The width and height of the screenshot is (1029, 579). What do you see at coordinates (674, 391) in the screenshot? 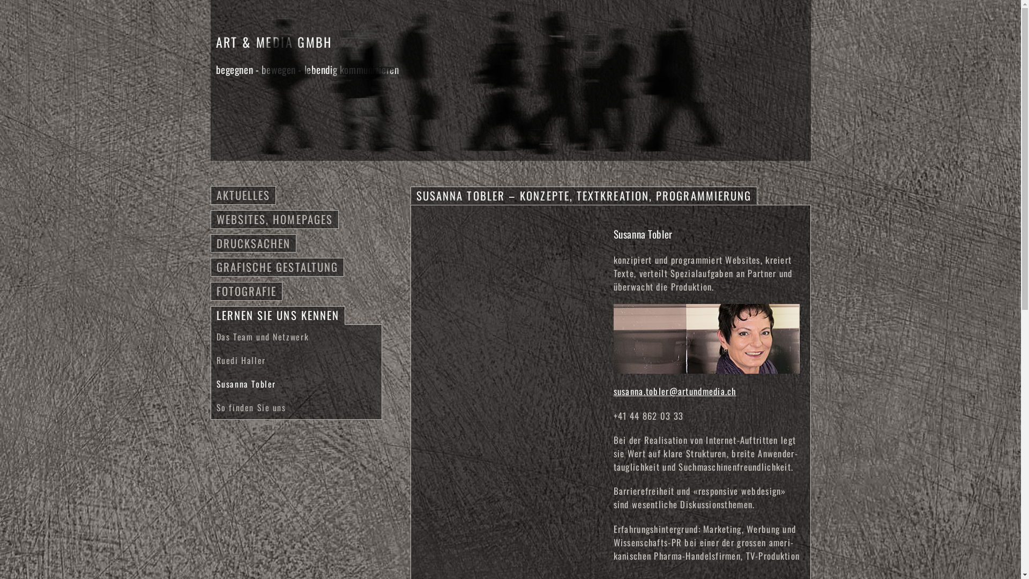
I see `'susanna.tobler@artundmedia.ch'` at bounding box center [674, 391].